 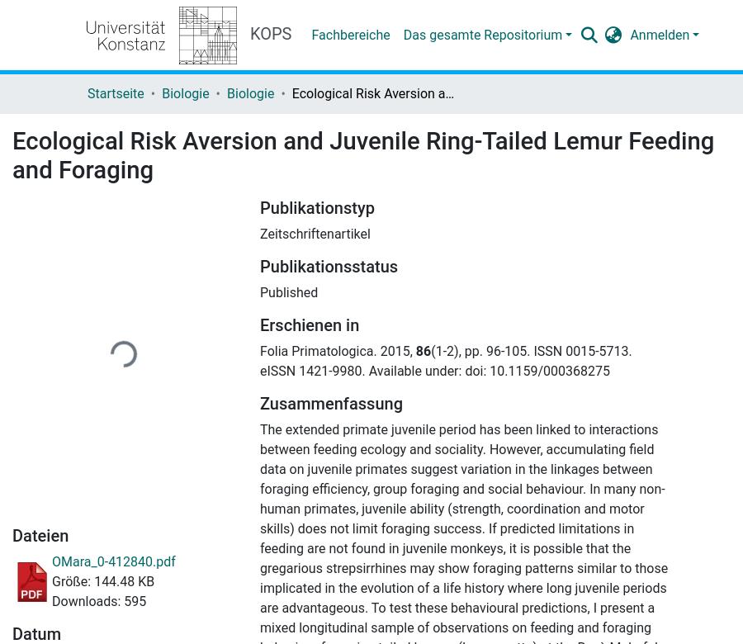 I want to click on 'Dateien', so click(x=39, y=536).